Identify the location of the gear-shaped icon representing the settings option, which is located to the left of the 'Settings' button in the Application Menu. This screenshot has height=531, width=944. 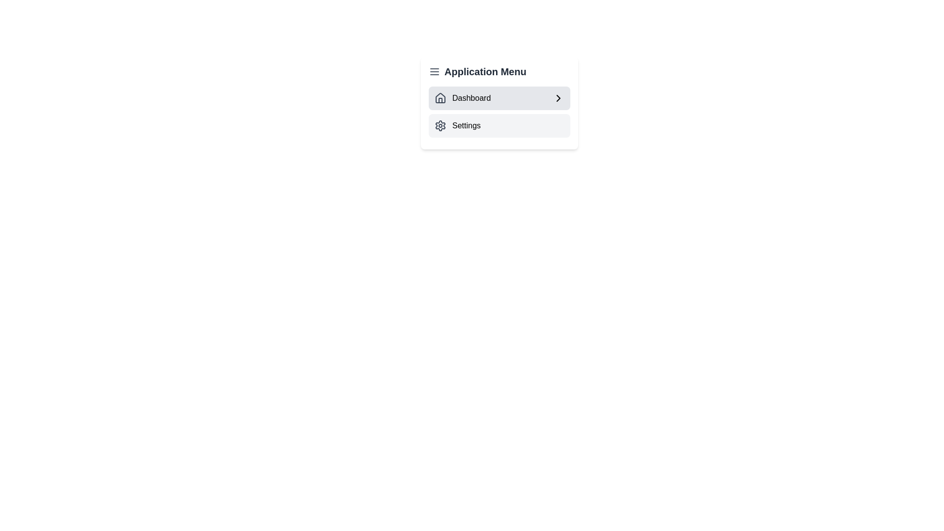
(440, 125).